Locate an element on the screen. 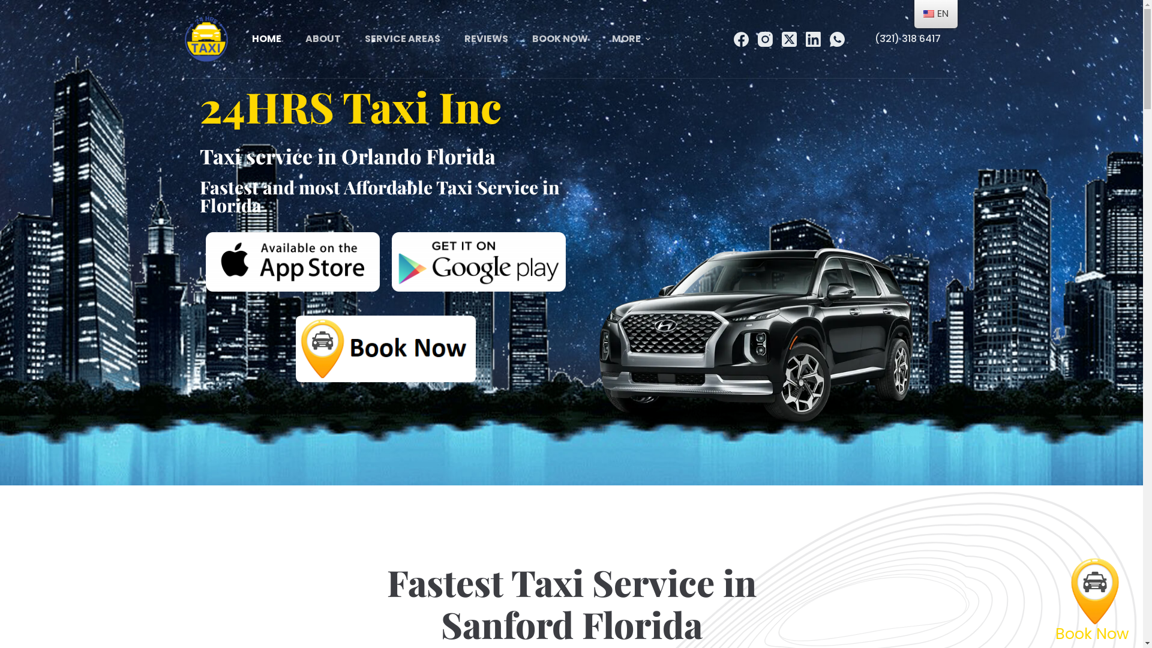  'MORE' is located at coordinates (599, 38).